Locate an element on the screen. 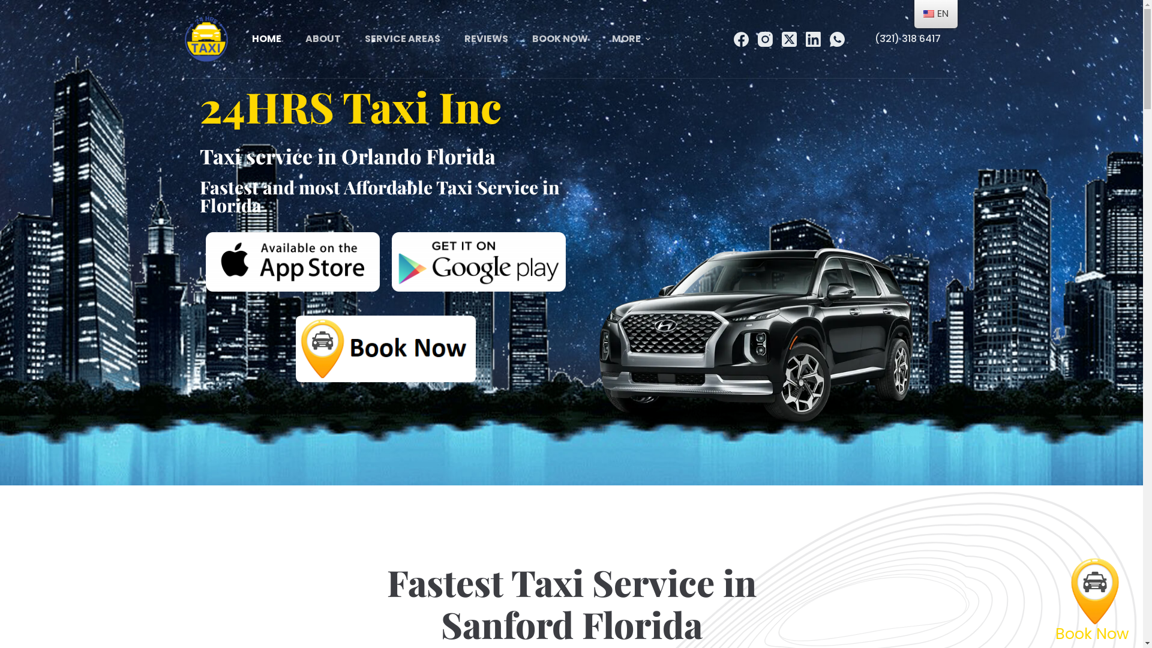  'MORE' is located at coordinates (599, 38).